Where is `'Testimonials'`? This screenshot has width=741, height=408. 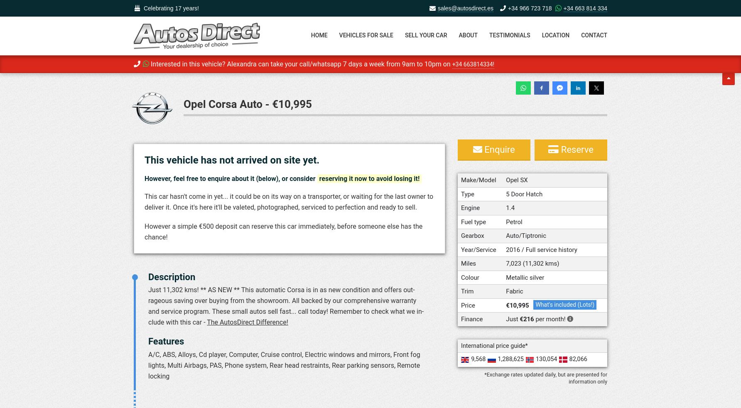
'Testimonials' is located at coordinates (509, 35).